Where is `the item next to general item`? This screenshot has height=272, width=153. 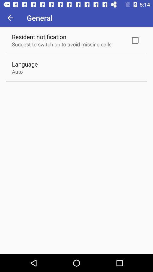
the item next to general item is located at coordinates (10, 18).